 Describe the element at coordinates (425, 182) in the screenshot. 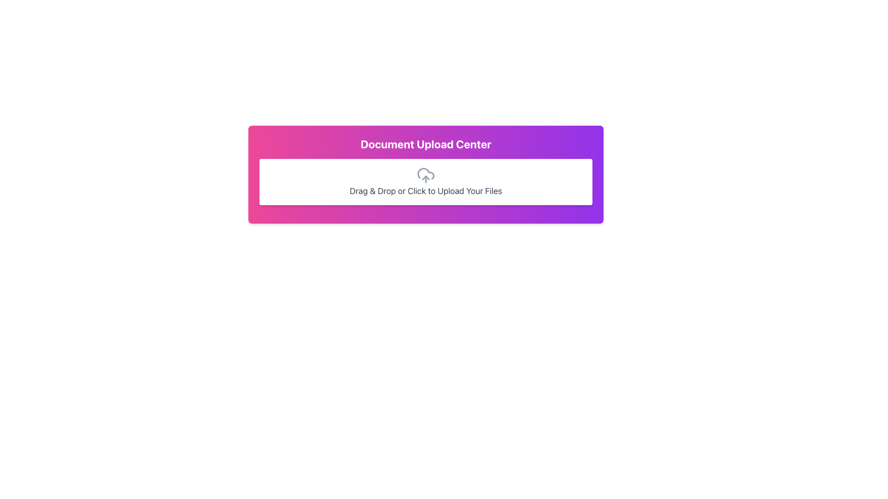

I see `files over the File Upload Area located in the 'Document Upload Center' below the title text for uploading documents` at that location.